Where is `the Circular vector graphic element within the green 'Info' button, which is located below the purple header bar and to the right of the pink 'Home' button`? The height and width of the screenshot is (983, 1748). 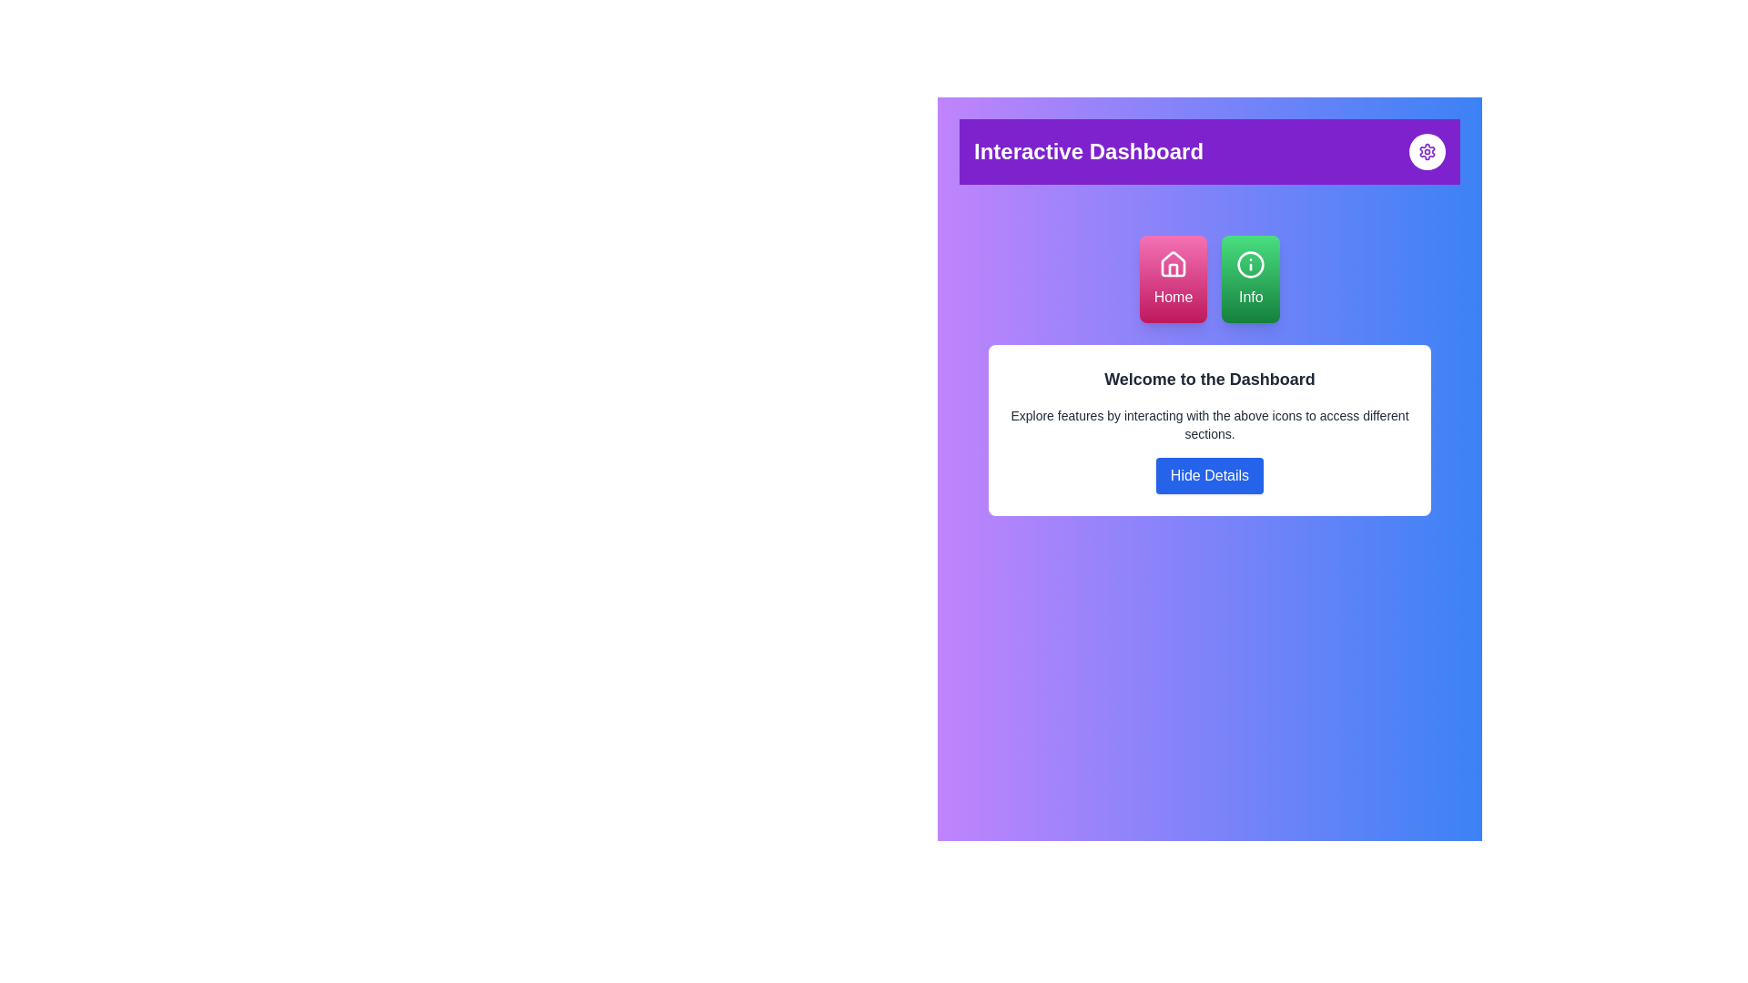
the Circular vector graphic element within the green 'Info' button, which is located below the purple header bar and to the right of the pink 'Home' button is located at coordinates (1249, 264).